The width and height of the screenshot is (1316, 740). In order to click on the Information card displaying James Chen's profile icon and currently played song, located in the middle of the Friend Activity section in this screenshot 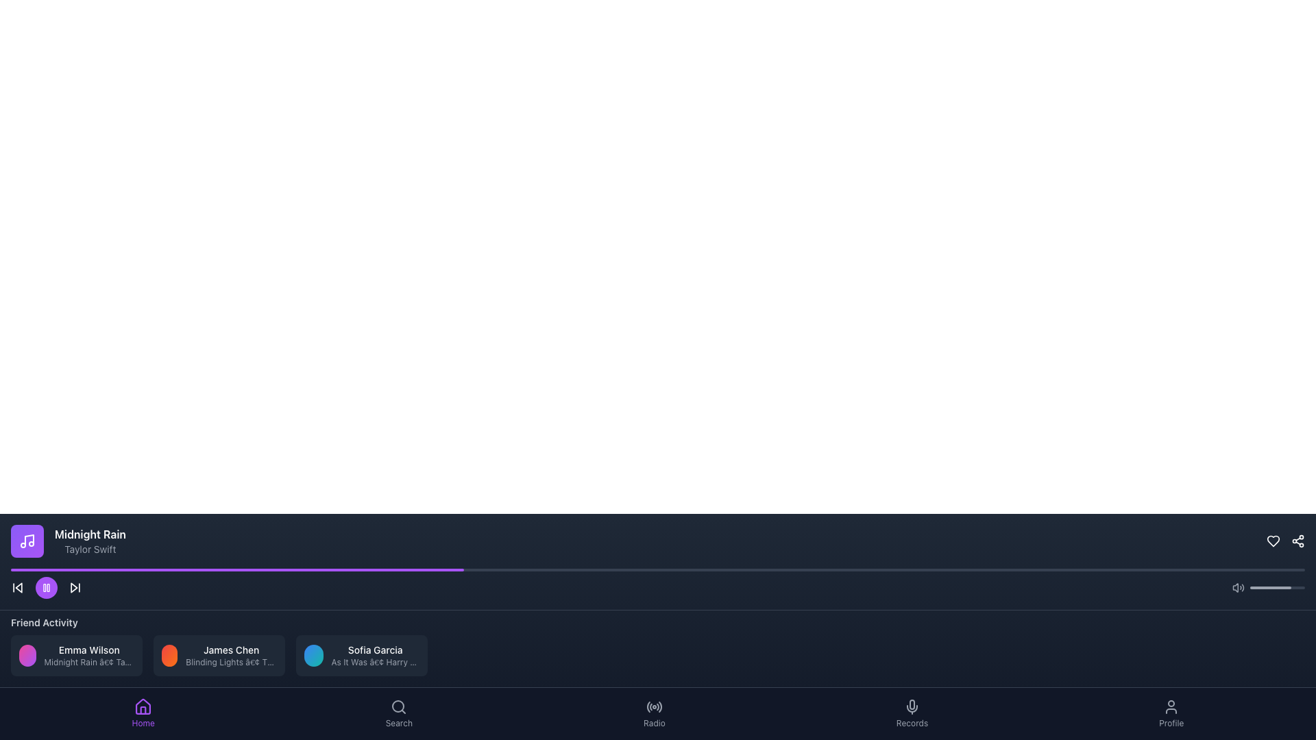, I will do `click(219, 654)`.